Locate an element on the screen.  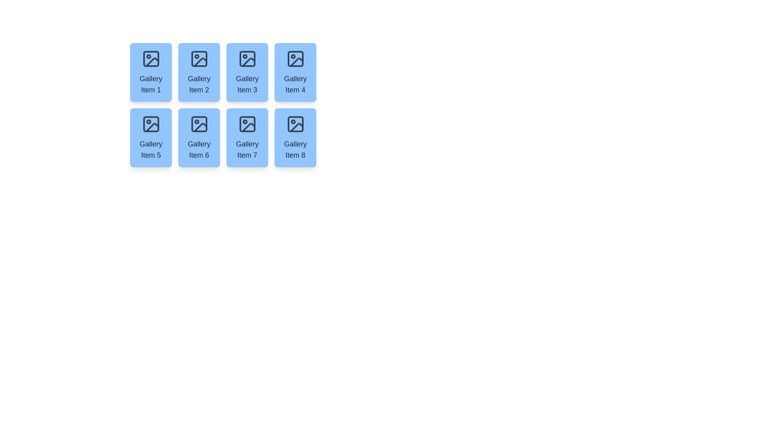
the gray rounded rectangle inside the fifth gallery item of the SVG graphic icon, which serves as an image placeholder is located at coordinates (151, 124).